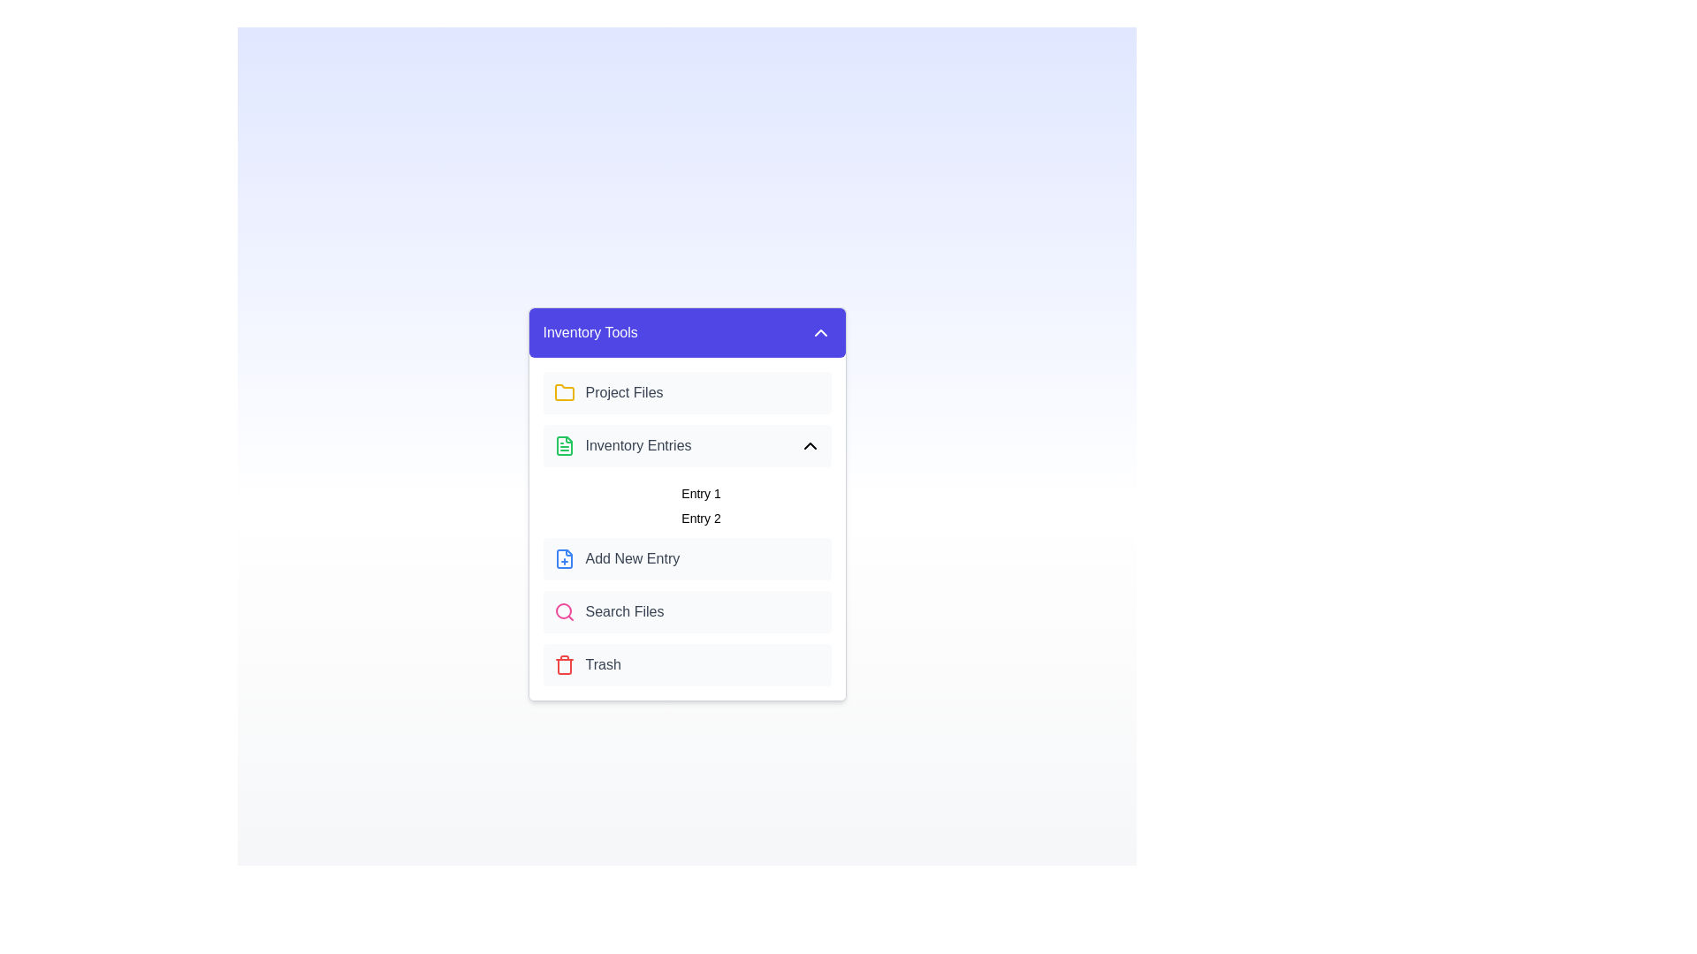 The height and width of the screenshot is (954, 1697). I want to click on the yellow folder icon located at the top-left part of the 'Project Files' item in the menu, which is directly below 'Inventory Tools', so click(563, 391).